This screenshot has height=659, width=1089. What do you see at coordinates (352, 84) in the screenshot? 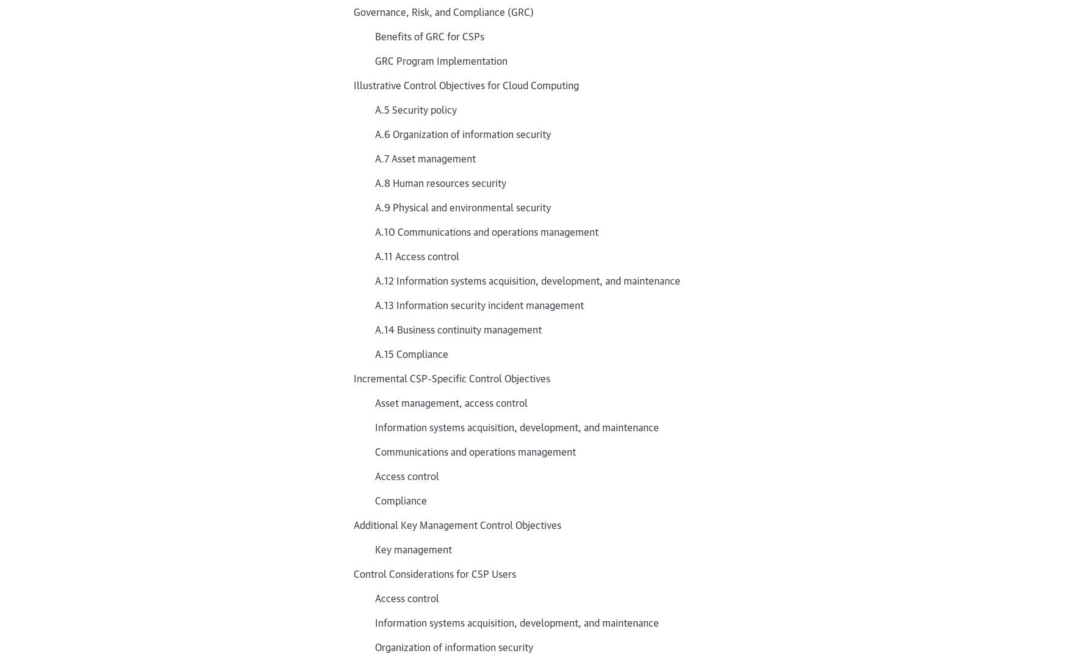
I see `'Illustrative Control Objectives for Cloud Computing'` at bounding box center [352, 84].